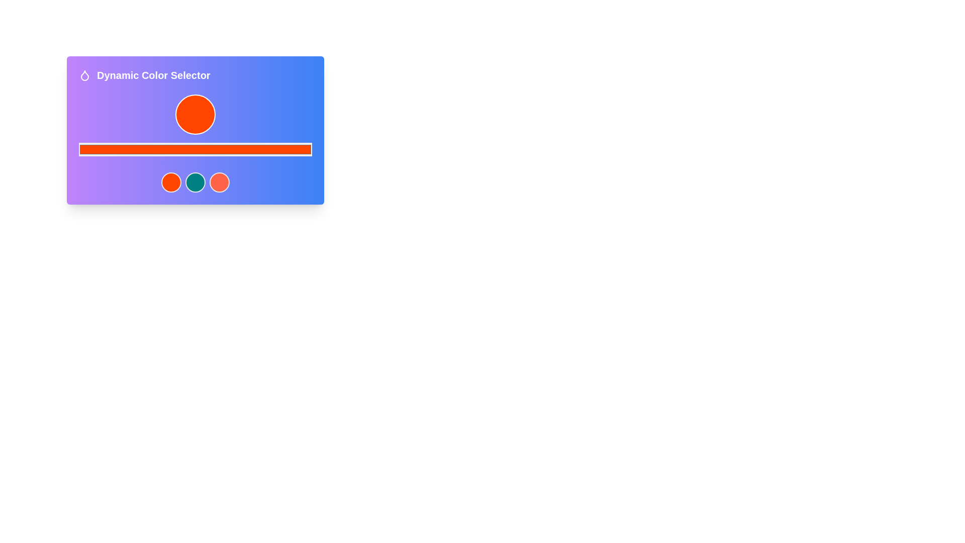  I want to click on text of the header or label positioned to the right of the water droplet icon in the top section of the interface, so click(153, 75).